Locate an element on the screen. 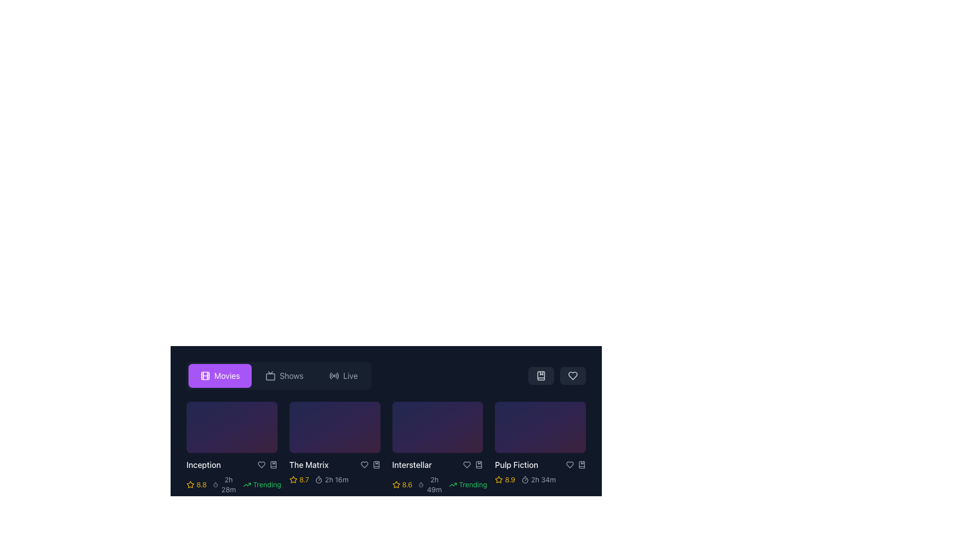  the decorative rectangle element styled as an outline within the SVG graphic, which is part of the larger TV or monitor icon located in the control bar at the top of the interface is located at coordinates (271, 377).